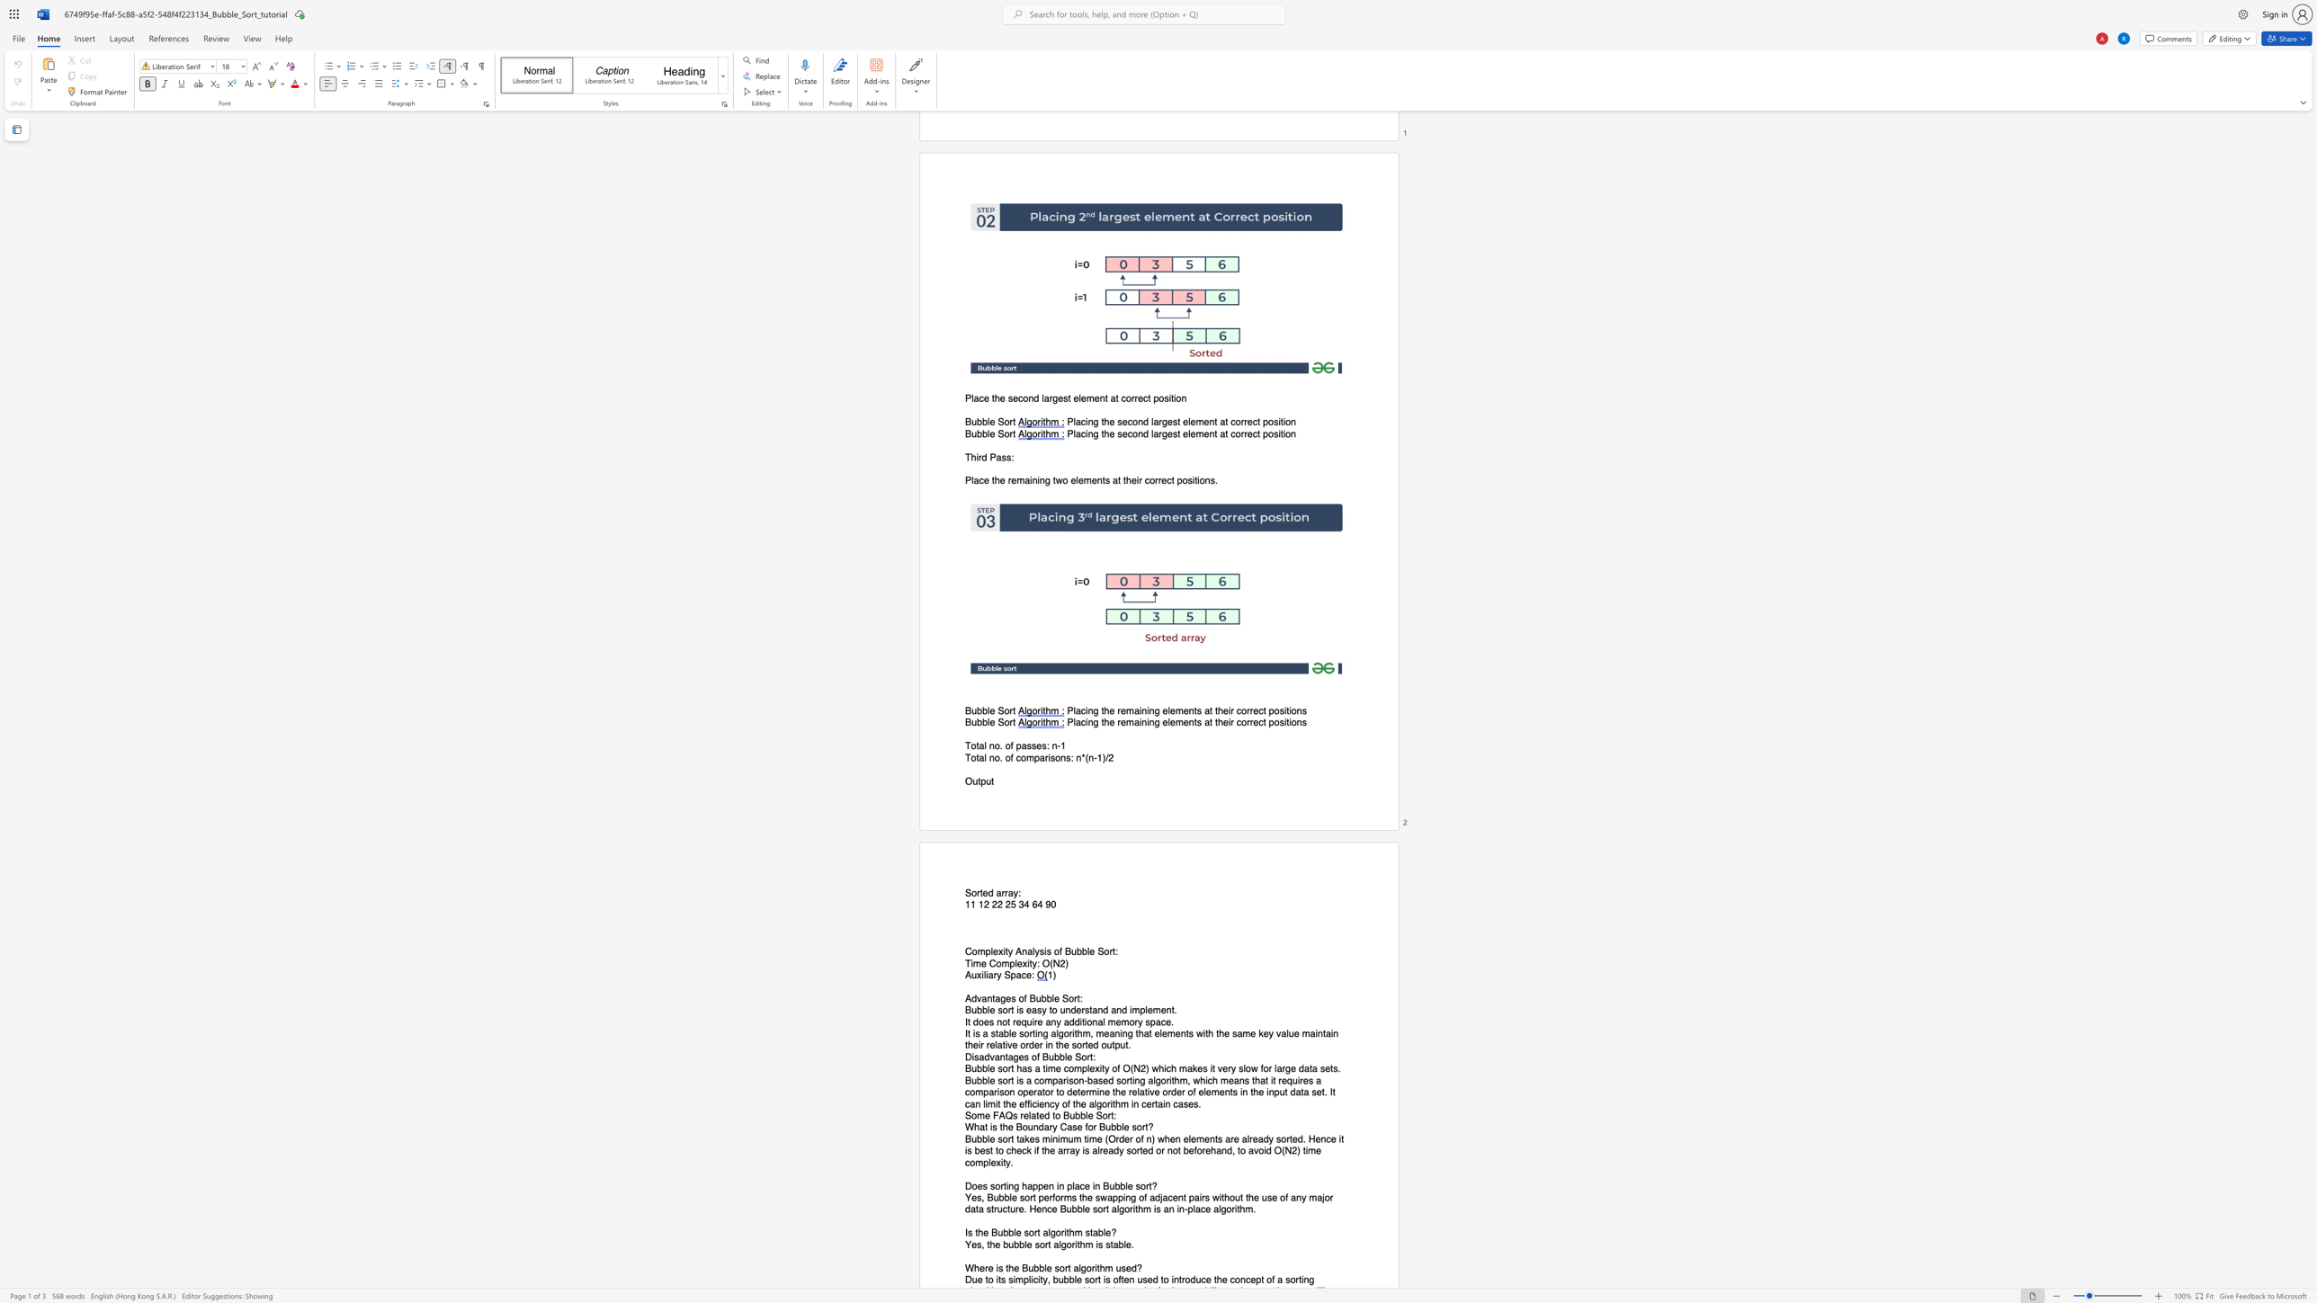 The image size is (2317, 1303). What do you see at coordinates (1167, 1032) in the screenshot?
I see `the subset text "ments with the sam" within the text "It is a stable sorting algorithm, meaning that elements with the same key value"` at bounding box center [1167, 1032].